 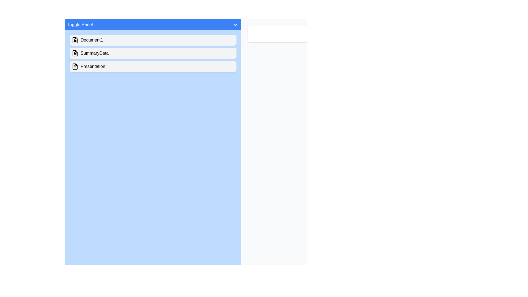 What do you see at coordinates (235, 24) in the screenshot?
I see `the chevron icon (dropdown indicator) located at the far-right side of the blue header bar labeled 'Toggle Panel'` at bounding box center [235, 24].